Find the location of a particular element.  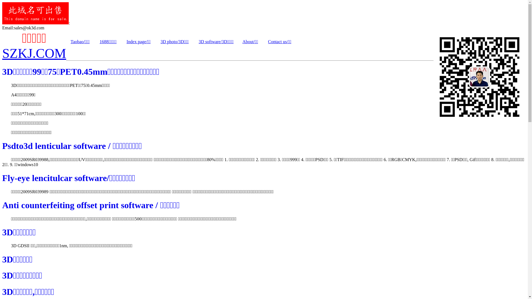

'SZKJ.COM' is located at coordinates (34, 53).